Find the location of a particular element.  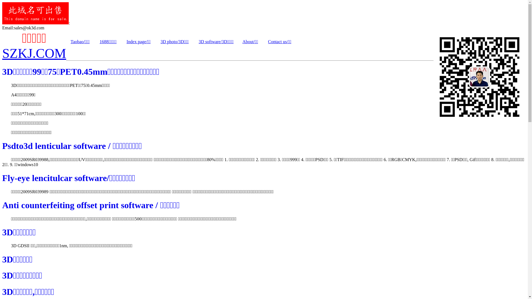

'SZKJ.COM' is located at coordinates (34, 53).